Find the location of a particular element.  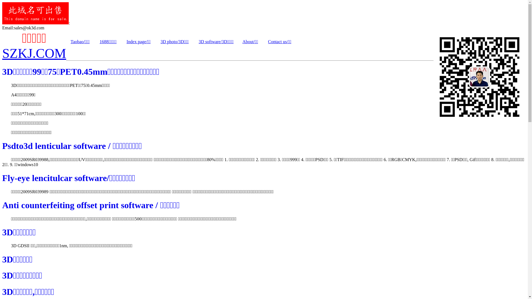

'SZKJ.COM' is located at coordinates (34, 53).